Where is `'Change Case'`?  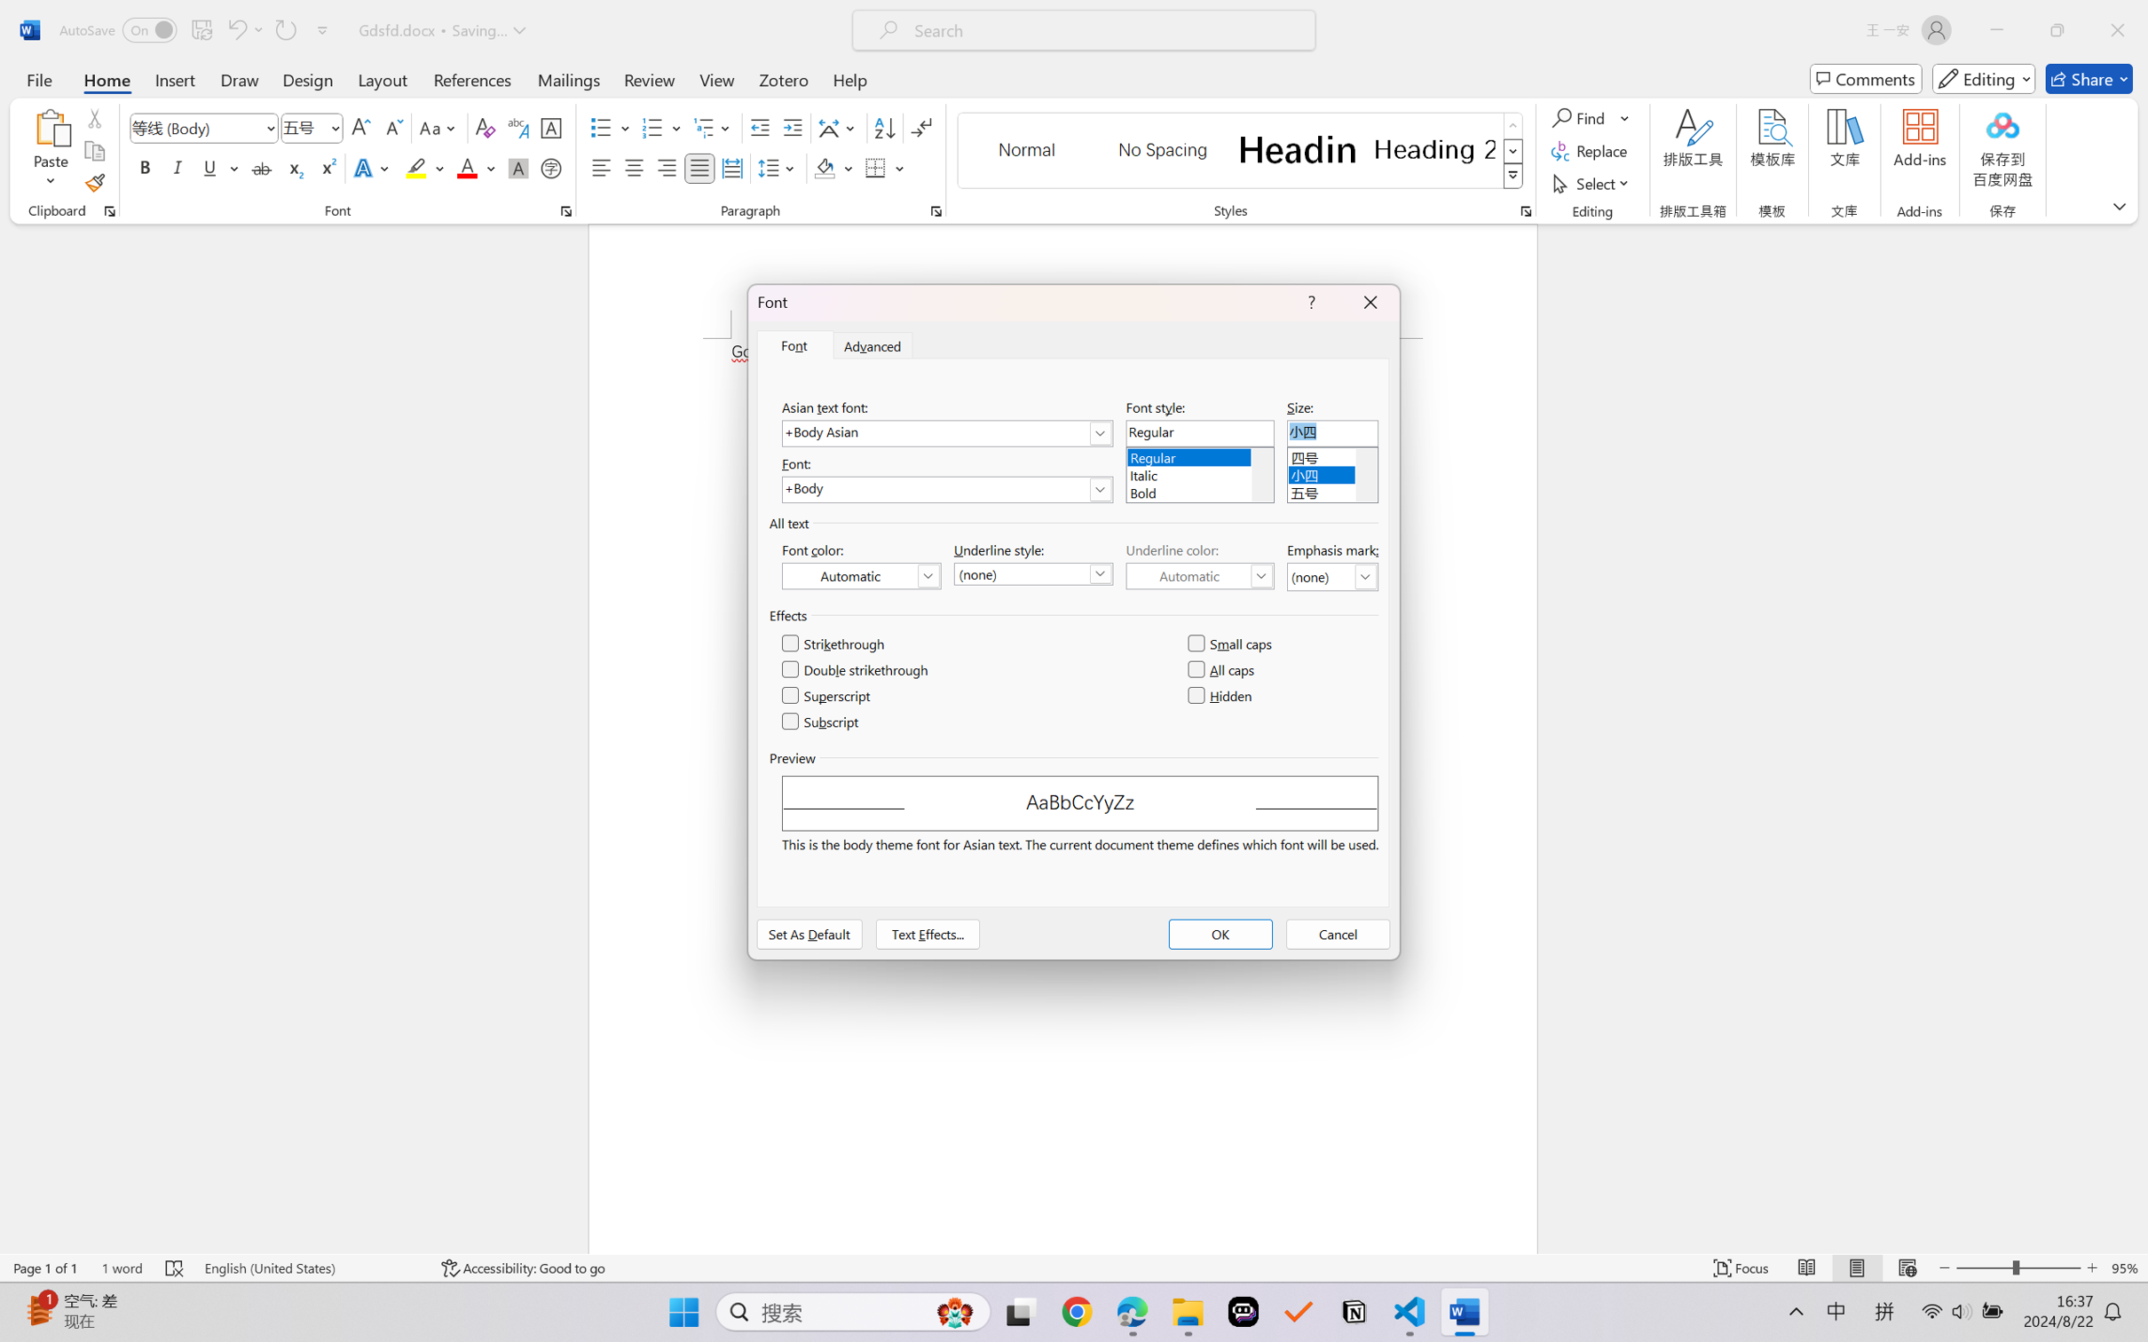 'Change Case' is located at coordinates (438, 128).